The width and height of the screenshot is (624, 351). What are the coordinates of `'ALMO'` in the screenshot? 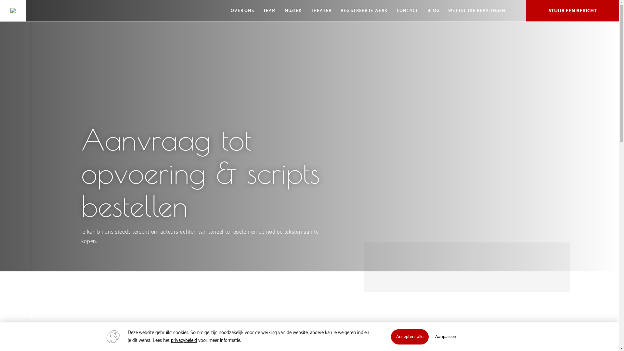 It's located at (13, 11).